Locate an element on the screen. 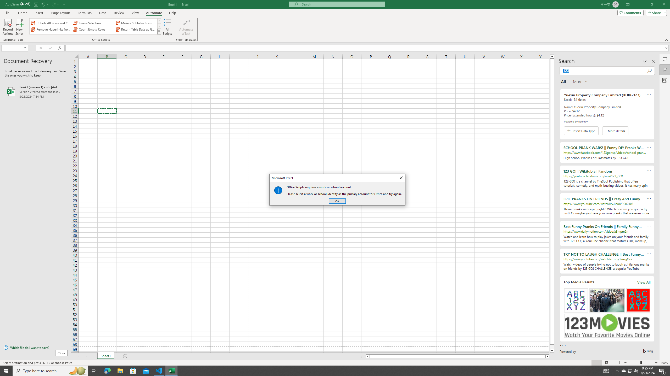 The width and height of the screenshot is (670, 376). 'Notification Chevron' is located at coordinates (617, 370).